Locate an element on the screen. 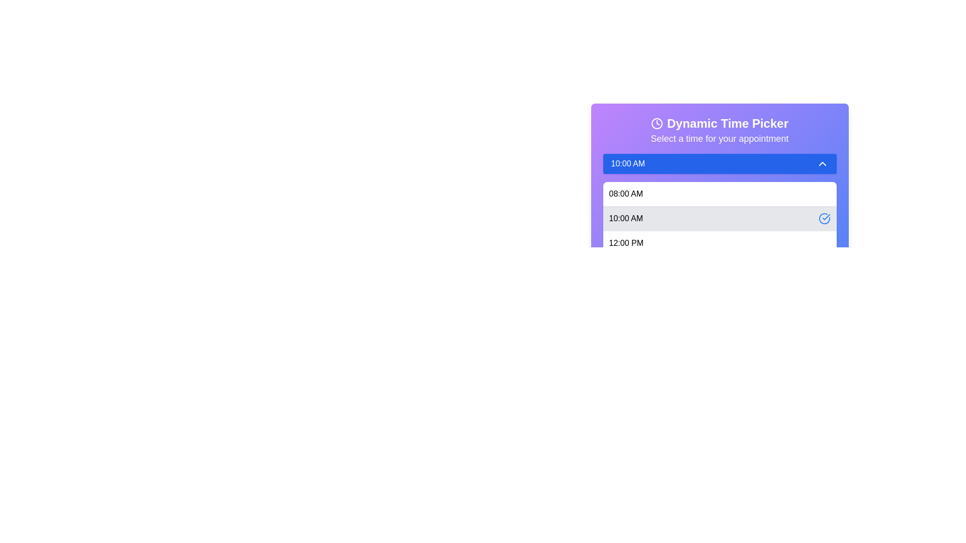 The width and height of the screenshot is (966, 543). the second selectable time slot option in the dropdown list, which is located between '08:00 AM' and '12:00 PM' is located at coordinates (719, 218).